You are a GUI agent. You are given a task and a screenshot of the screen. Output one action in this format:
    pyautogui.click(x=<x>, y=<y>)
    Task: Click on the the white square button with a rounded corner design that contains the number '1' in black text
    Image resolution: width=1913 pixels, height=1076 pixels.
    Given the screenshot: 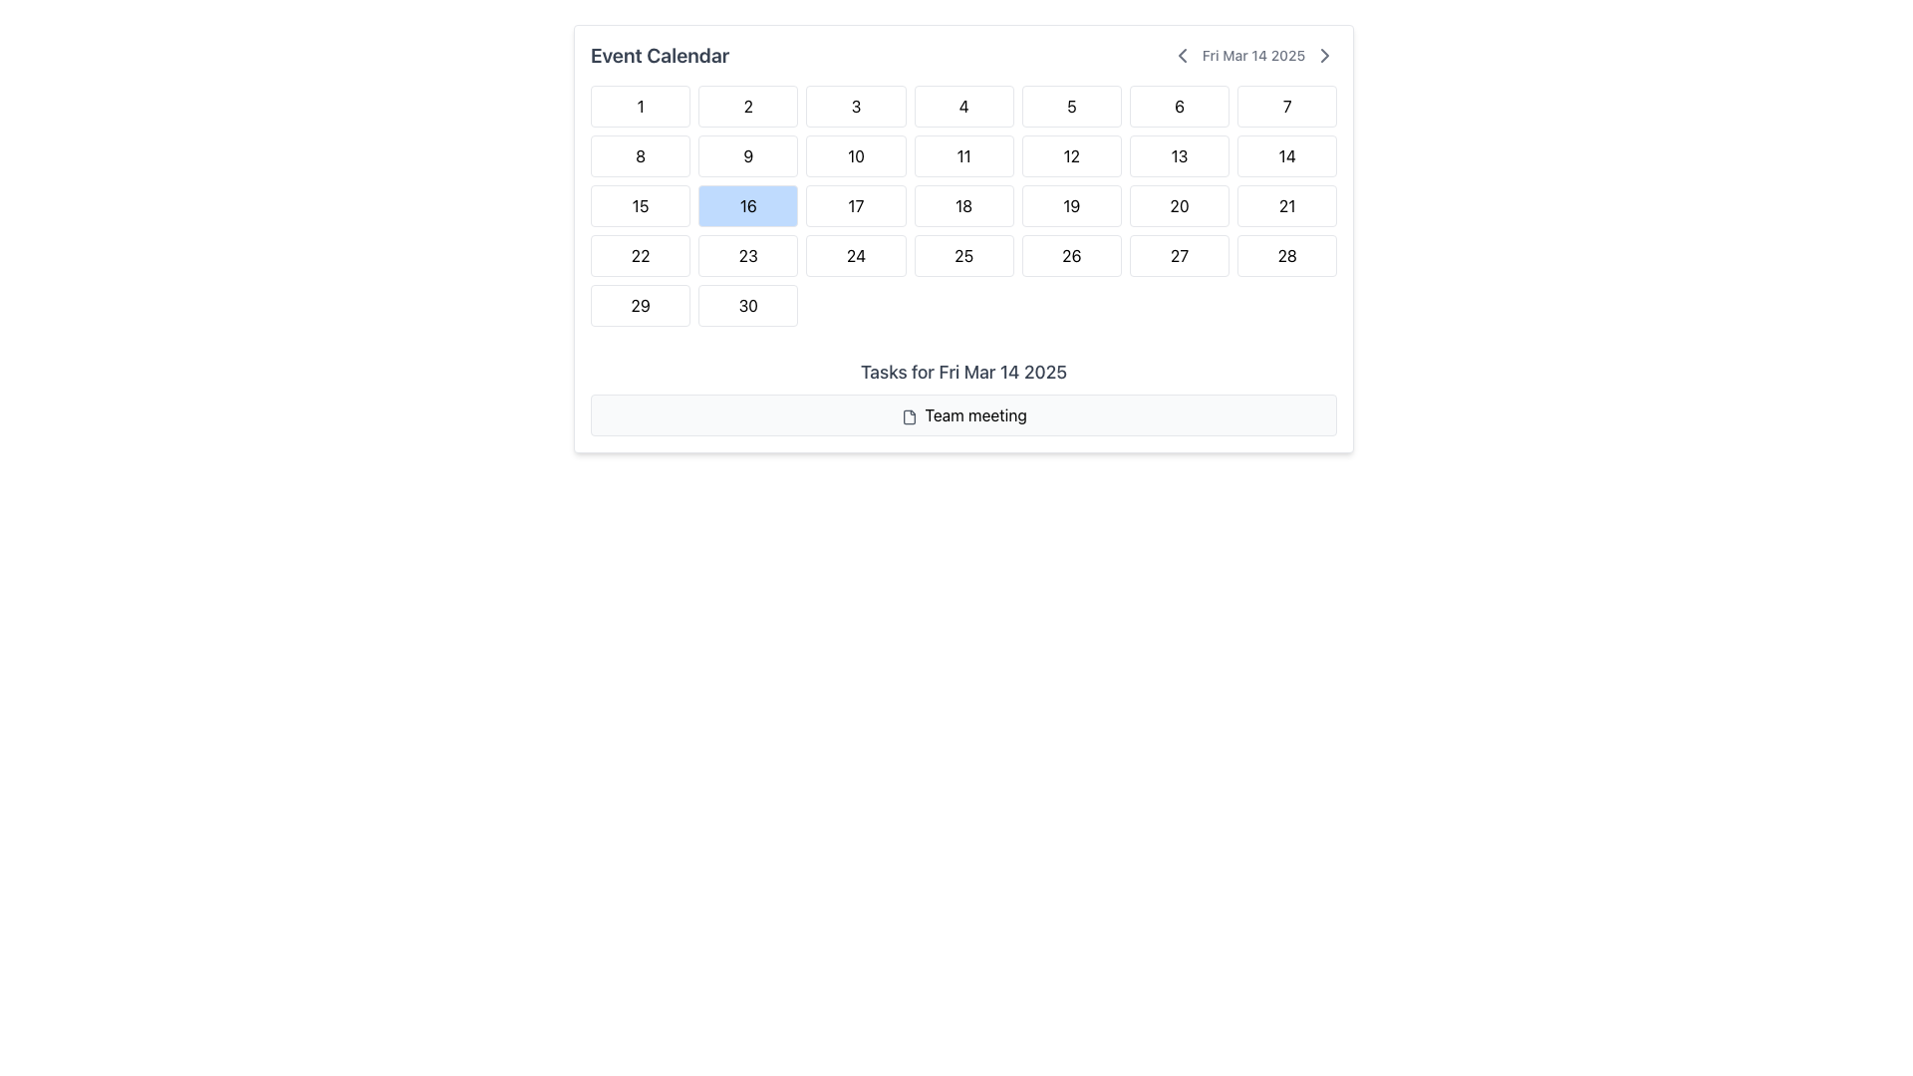 What is the action you would take?
    pyautogui.click(x=641, y=107)
    